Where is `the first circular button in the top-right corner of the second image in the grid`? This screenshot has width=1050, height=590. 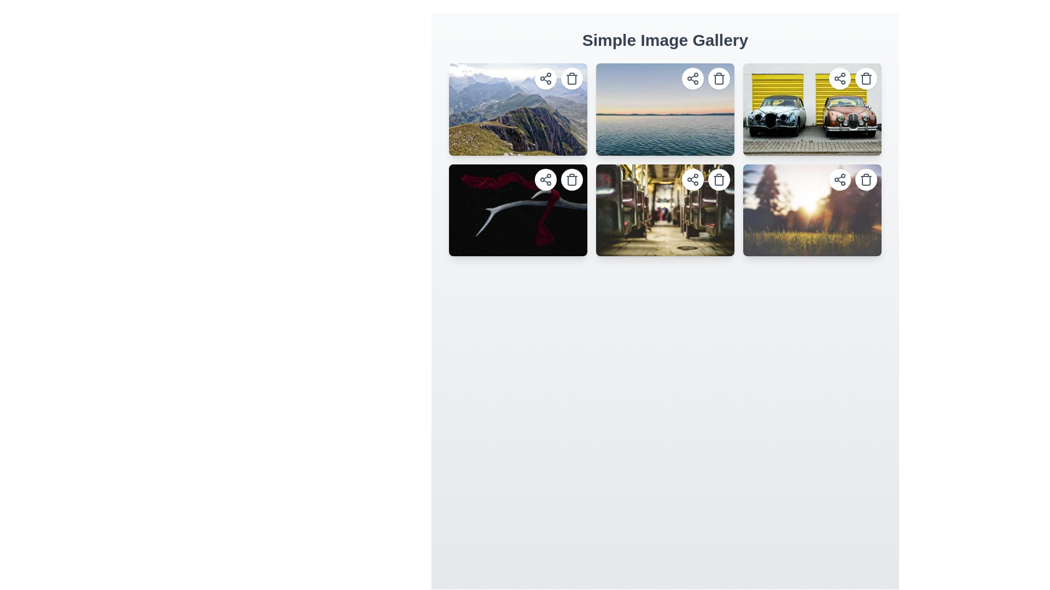
the first circular button in the top-right corner of the second image in the grid is located at coordinates (692, 78).